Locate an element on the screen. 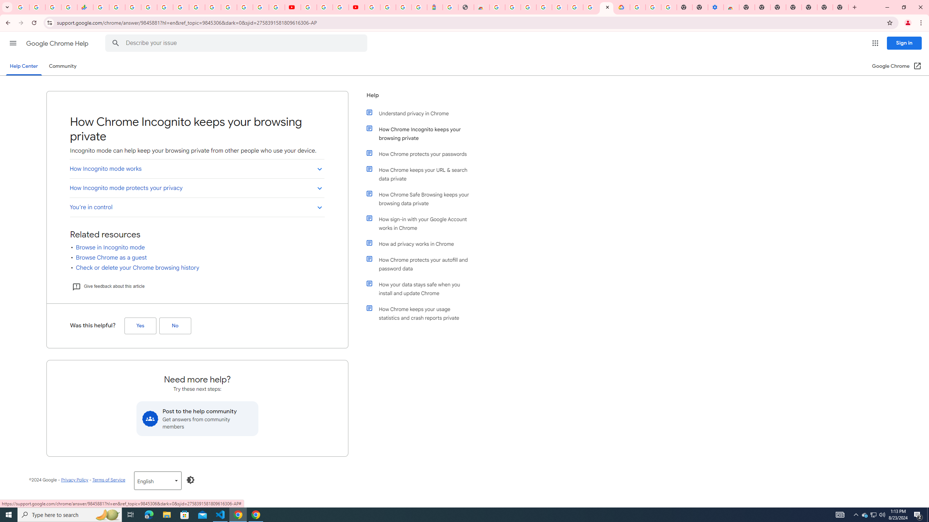 The width and height of the screenshot is (929, 522). 'Google Workspace Admin Community' is located at coordinates (21, 7).